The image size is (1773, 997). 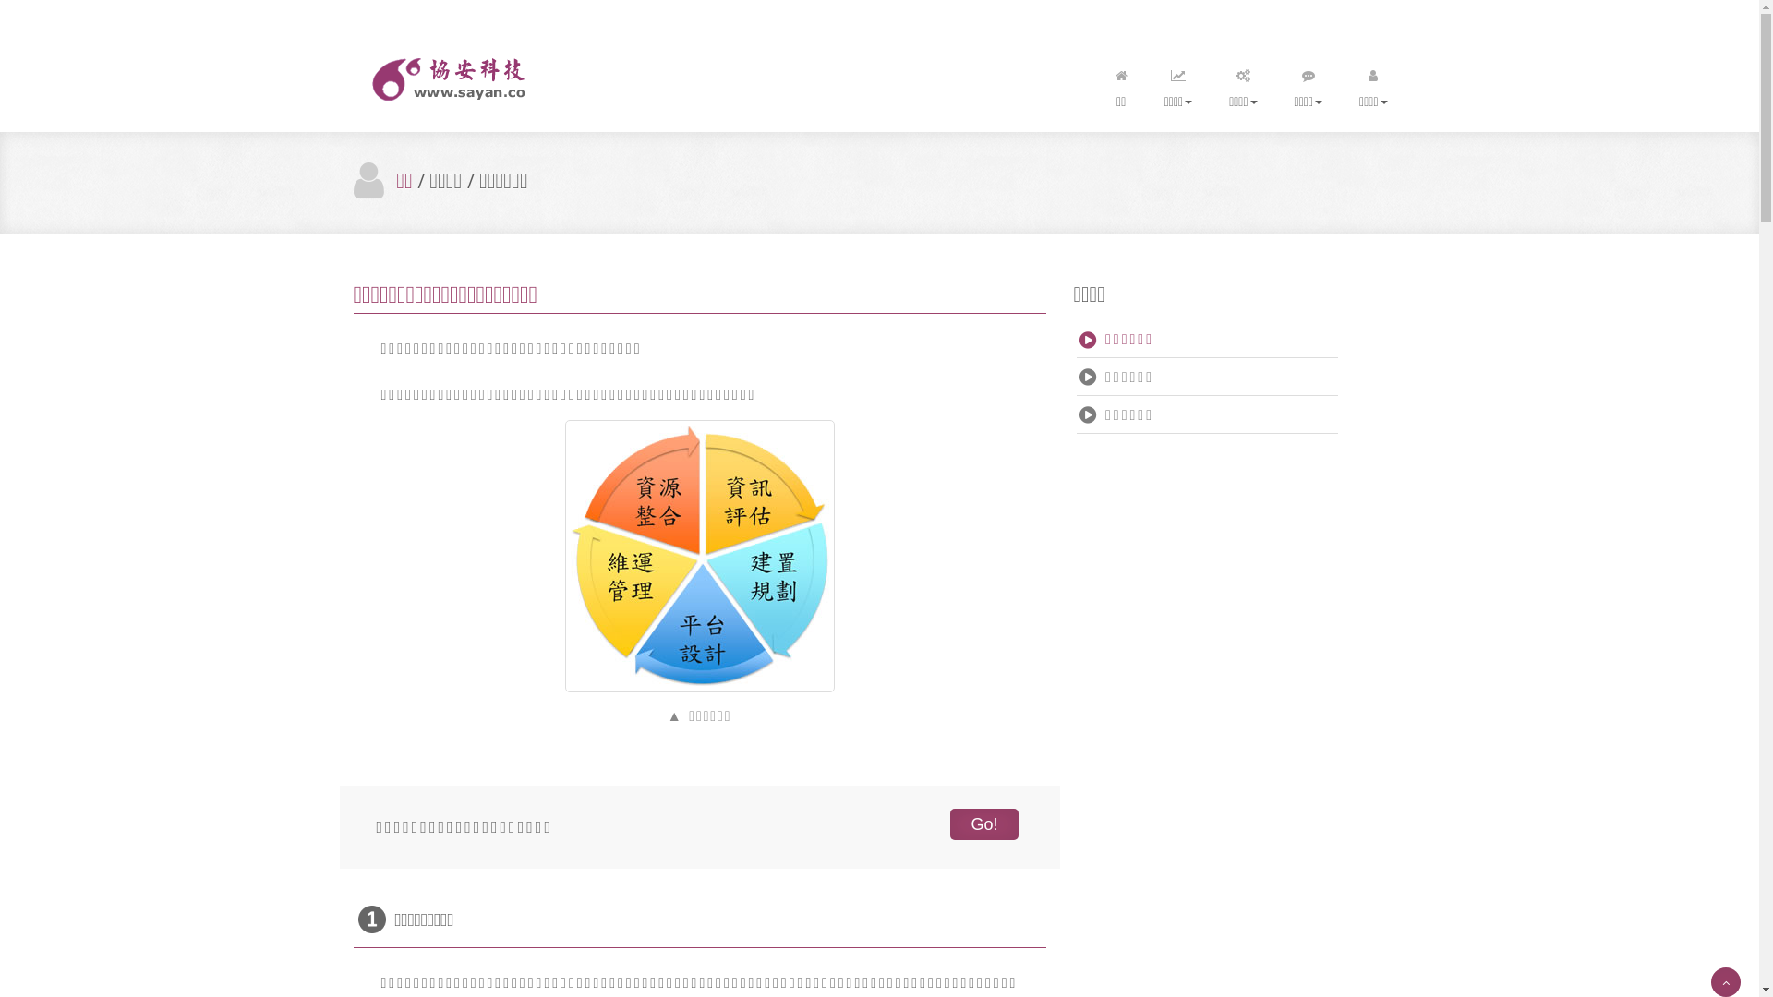 What do you see at coordinates (983, 823) in the screenshot?
I see `'Go!'` at bounding box center [983, 823].